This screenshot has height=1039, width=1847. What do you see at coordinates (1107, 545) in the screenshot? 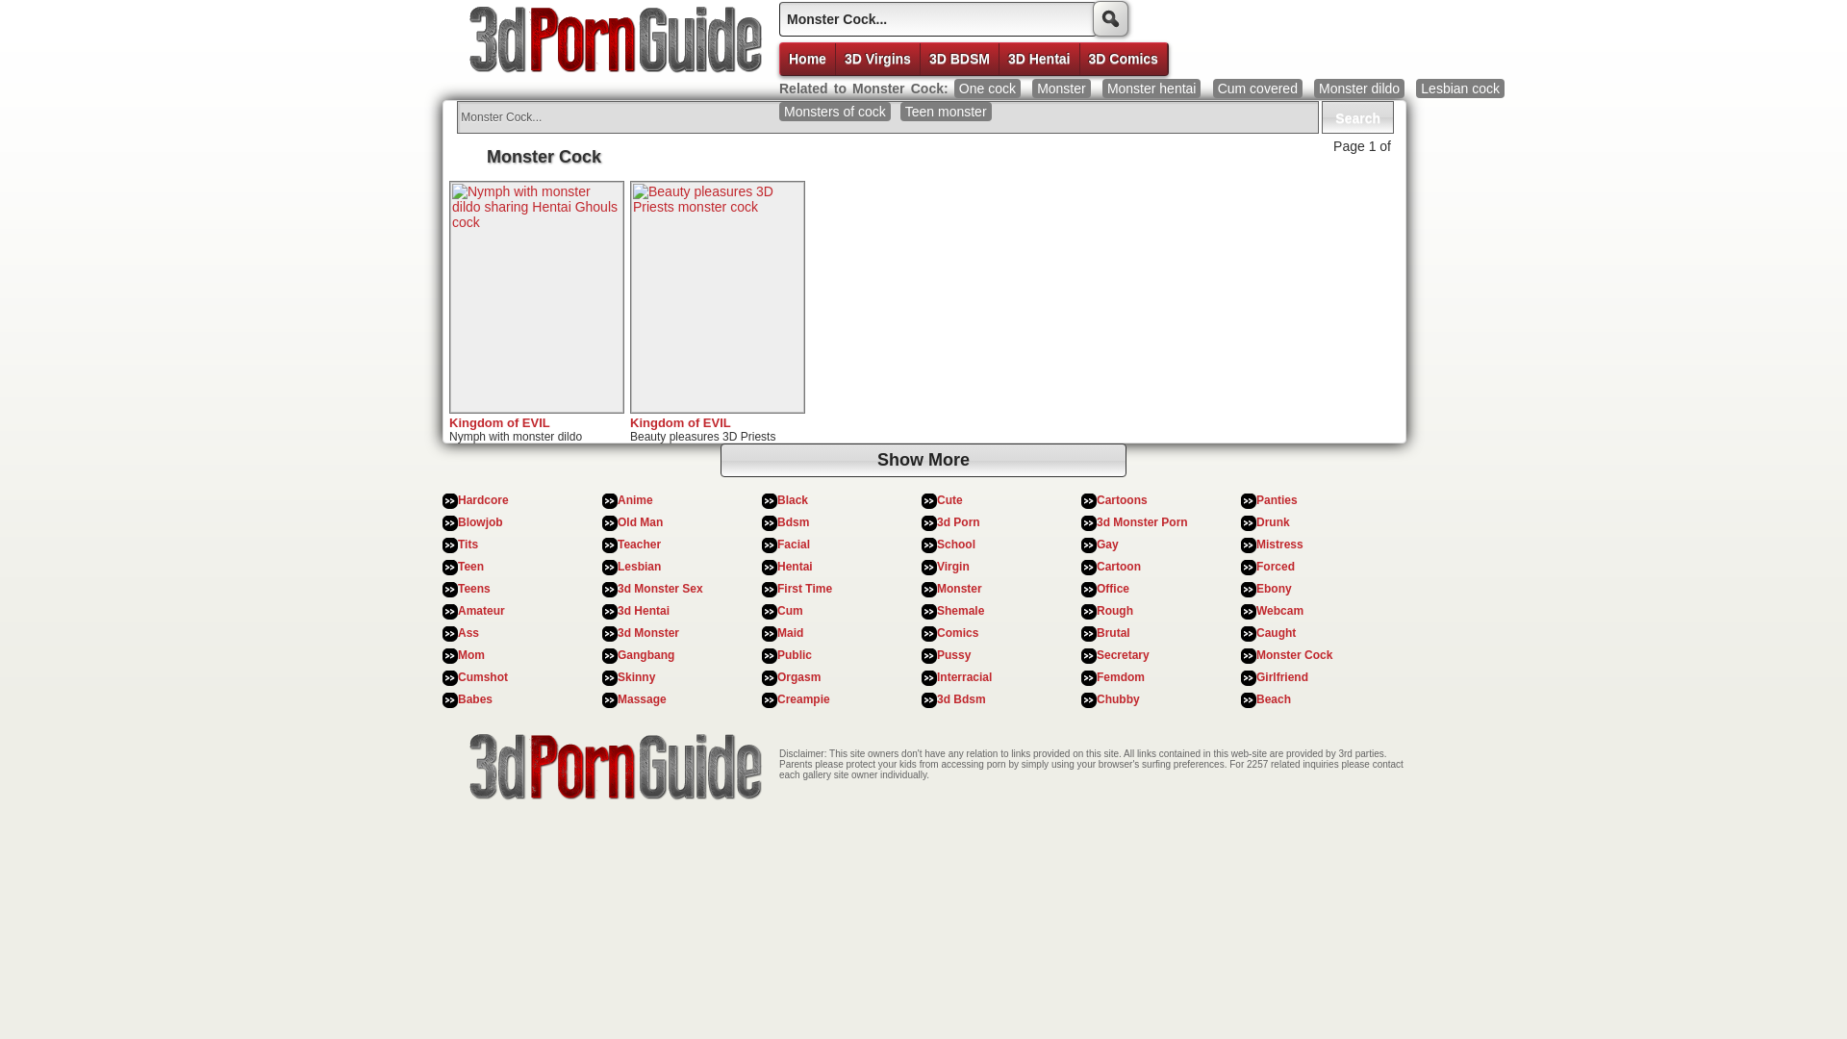
I see `'Gay'` at bounding box center [1107, 545].